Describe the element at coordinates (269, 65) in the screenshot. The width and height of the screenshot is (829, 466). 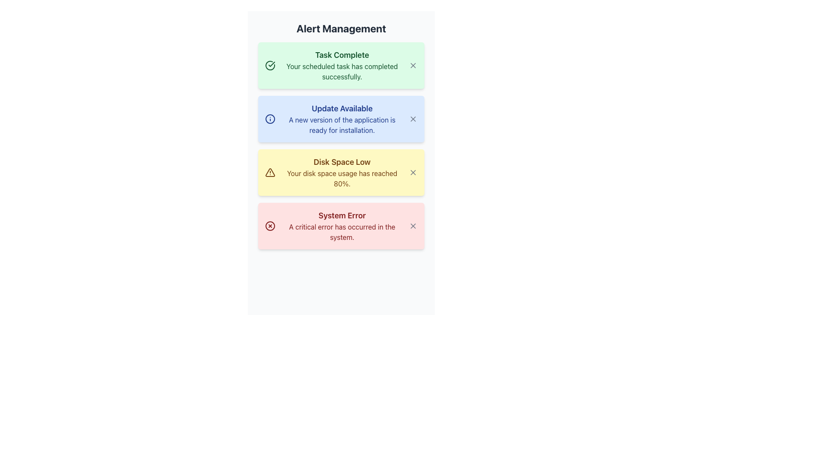
I see `the graphical element of the 'Task Complete' notification icon, which indicates completion or check status, located at the left-hand side of the notification box` at that location.